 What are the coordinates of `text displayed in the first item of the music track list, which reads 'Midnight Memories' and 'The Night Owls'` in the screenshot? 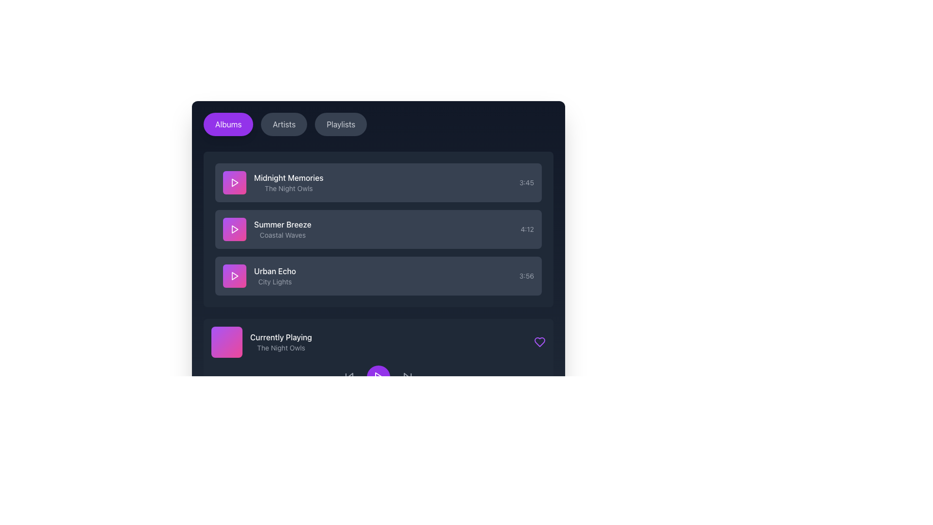 It's located at (288, 182).